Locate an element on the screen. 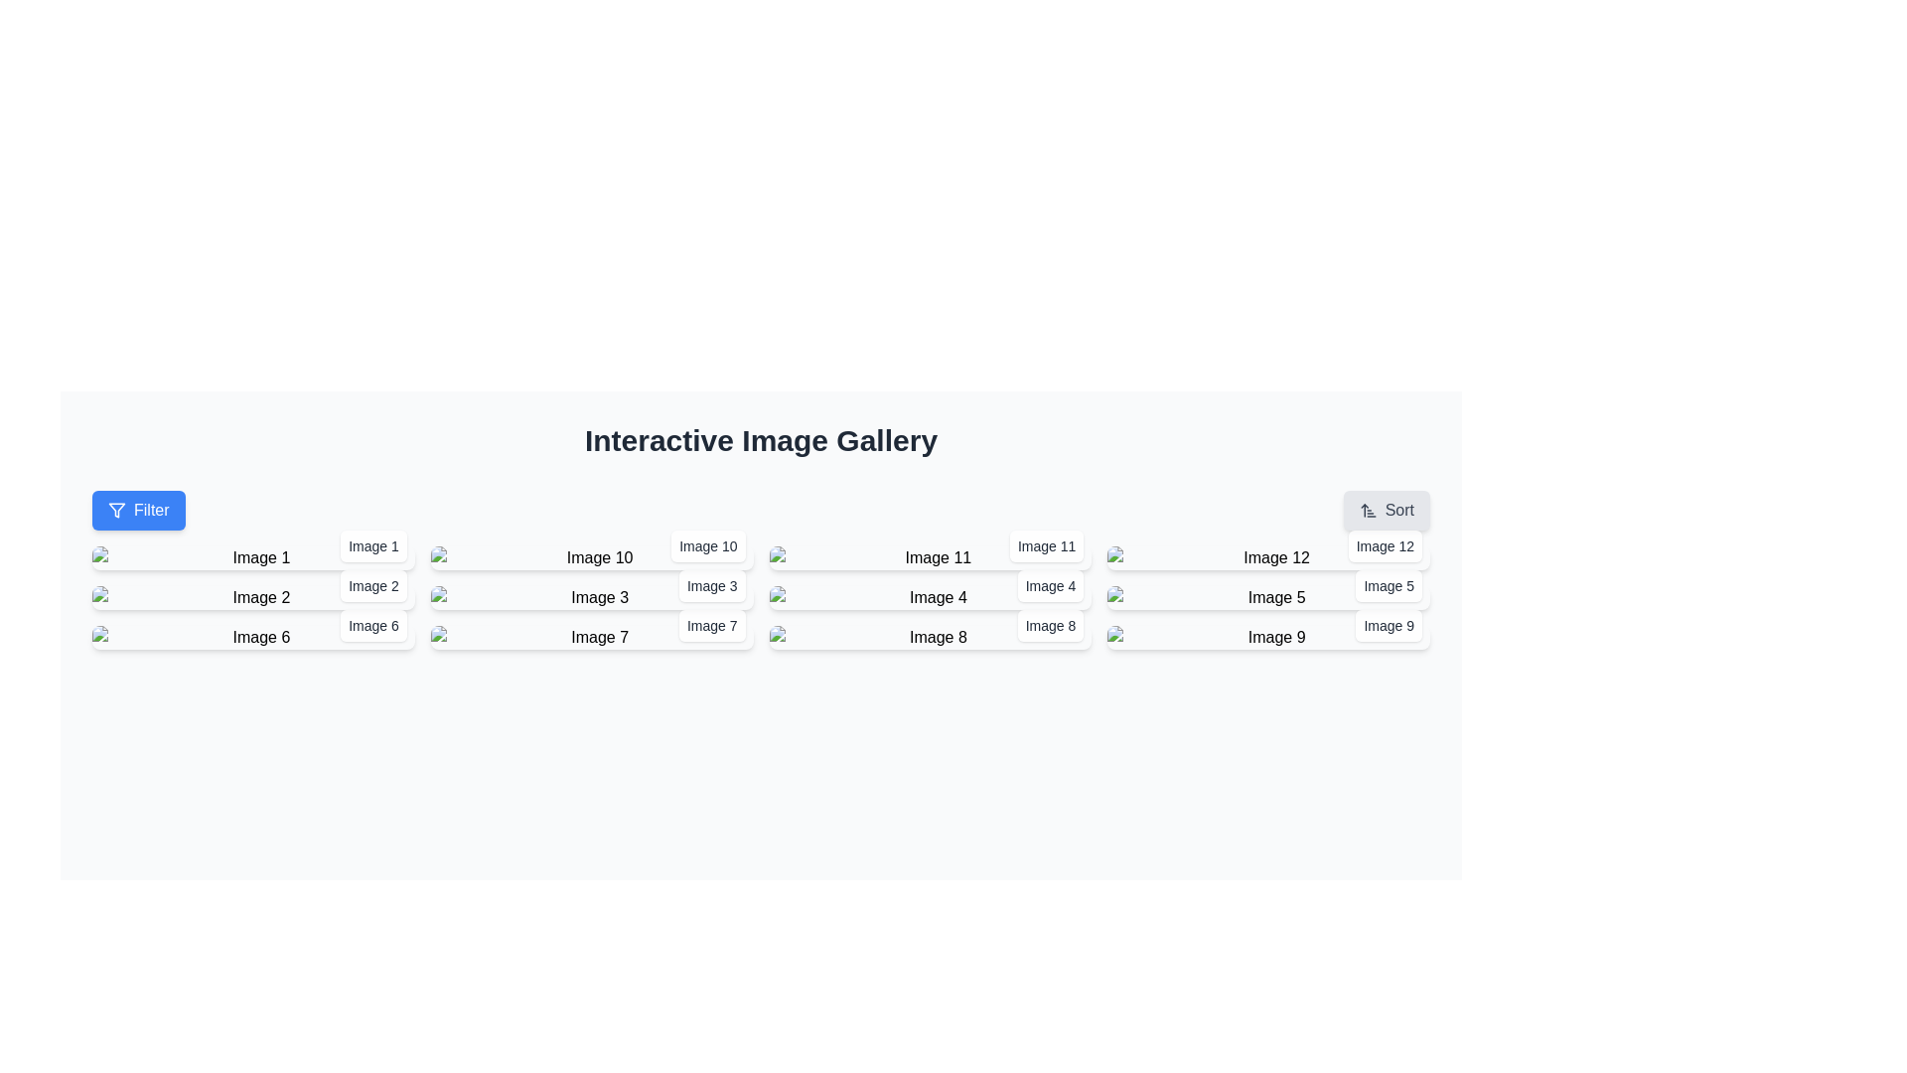 The image size is (1907, 1073). the Thumbnail with label 'Image 1' is located at coordinates (252, 558).